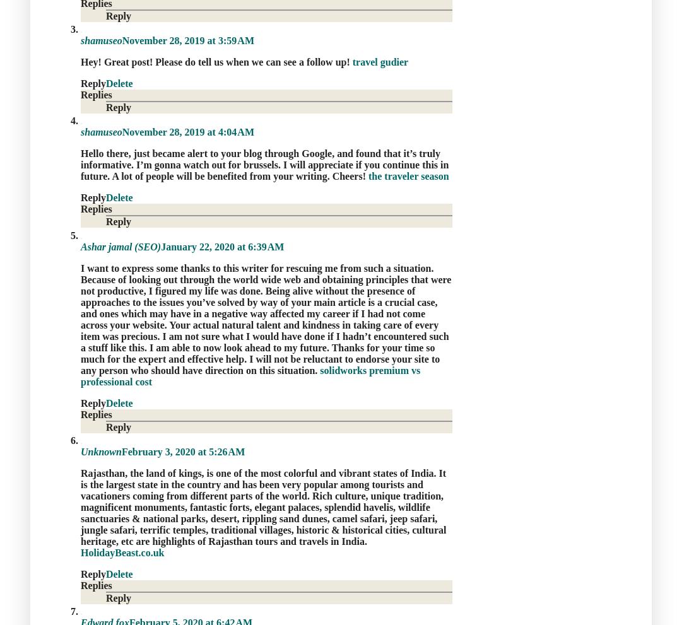 The image size is (677, 625). What do you see at coordinates (266, 318) in the screenshot?
I see `'I want to express some thanks to this writer for rescuing me from such a situation. Because of looking out through the world wide web and obtaining principles that were not productive, I figured my life was done. Being alive without the presence of approaches to the issues you’ve solved by way of your main article is a crucial case, and ones which may have in a negative way affected my career if I had not come across your website. Your actual natural talent and kindness in taking care of every item was precious. I am not sure what I would have done if I hadn’t encountered such a stuff like this. I am able to now look ahead to my future. Thanks for your time so much for the expert and effective help. I will not be reluctant to endorse your site to any person who should have direction on this situation.'` at bounding box center [266, 318].